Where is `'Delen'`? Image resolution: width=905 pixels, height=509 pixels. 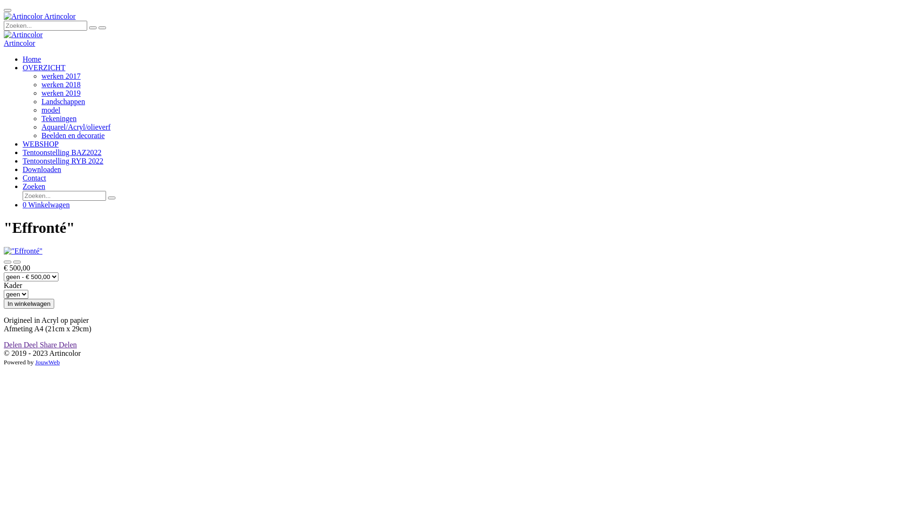 'Delen' is located at coordinates (13, 345).